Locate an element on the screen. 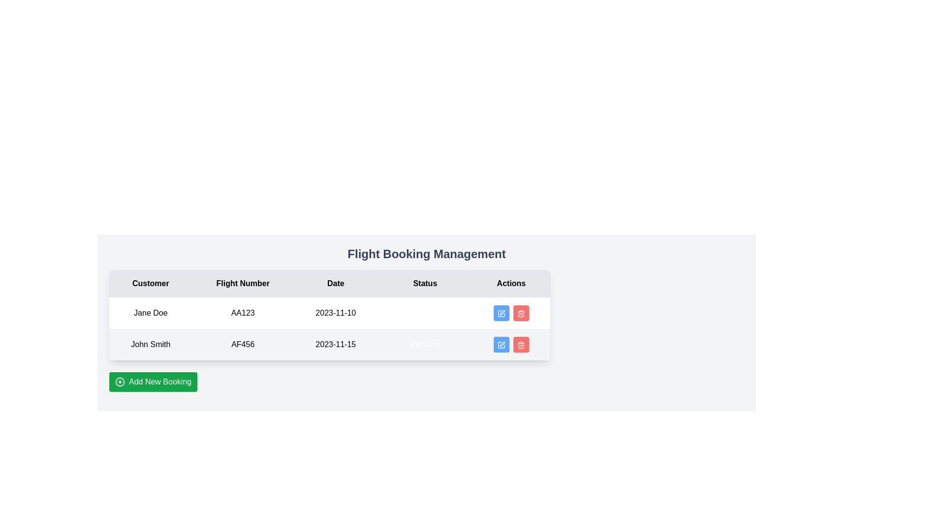 Image resolution: width=945 pixels, height=531 pixels. the table cell displaying the booking date for 'Jane Doe' associated with flight number 'AA123' is located at coordinates (336, 313).